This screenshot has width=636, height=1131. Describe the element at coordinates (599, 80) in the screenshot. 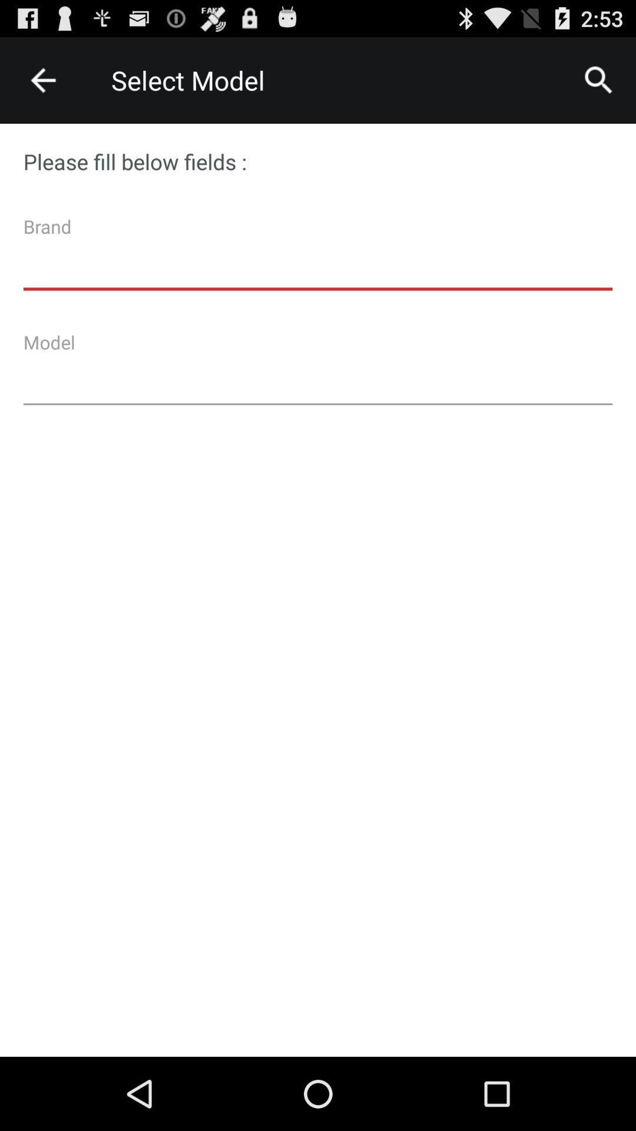

I see `icon at the top right corner` at that location.